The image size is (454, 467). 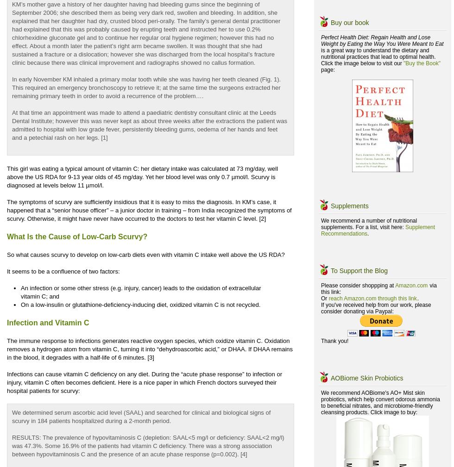 I want to click on 'We determined serum ascorbic acid level (SAAL) and searched for clinical and biological signs of scurvy in 184 patients hospitalized during a 2-month period.', so click(x=12, y=417).